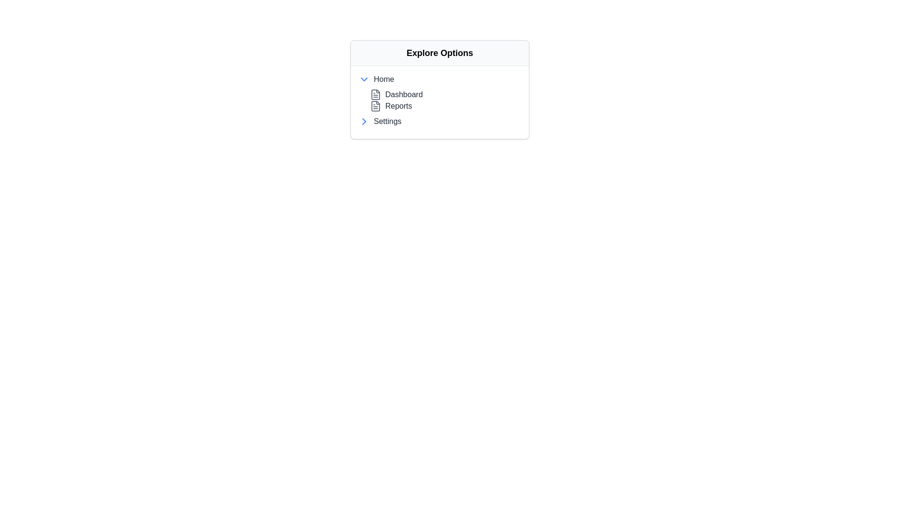  I want to click on the 'Reports' menu item located below the 'Dashboard' link in the sidebar navigation under 'Explore Options', so click(445, 106).